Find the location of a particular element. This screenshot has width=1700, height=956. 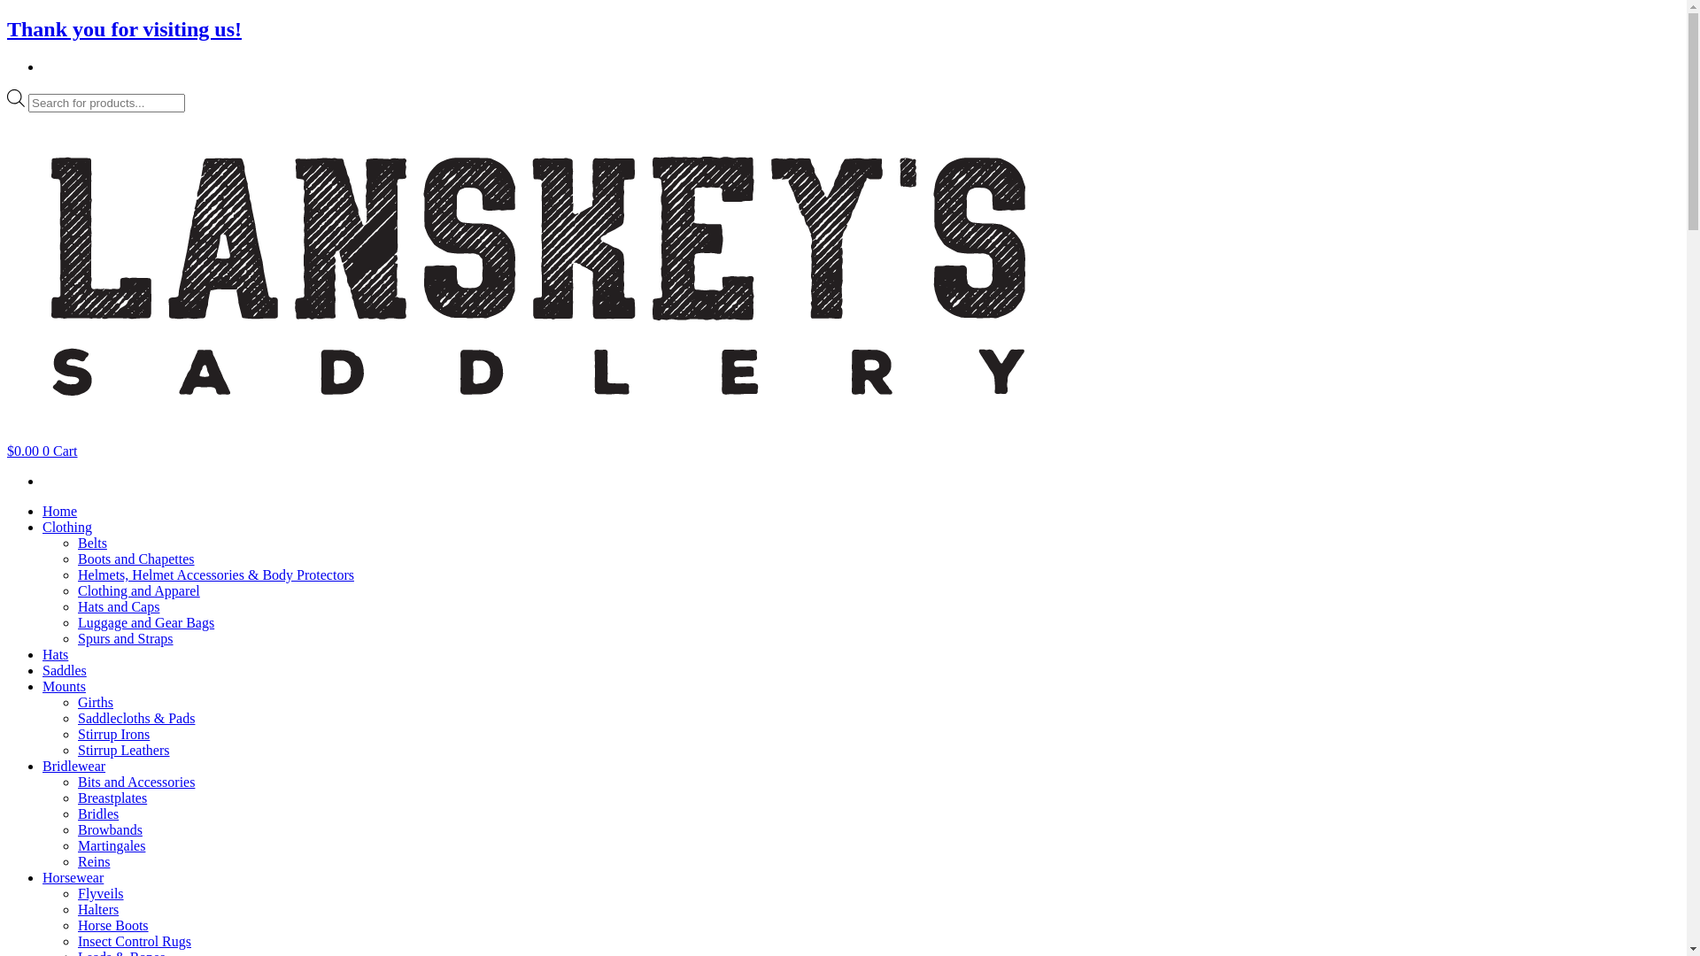

'Stirrup Leathers' is located at coordinates (122, 750).